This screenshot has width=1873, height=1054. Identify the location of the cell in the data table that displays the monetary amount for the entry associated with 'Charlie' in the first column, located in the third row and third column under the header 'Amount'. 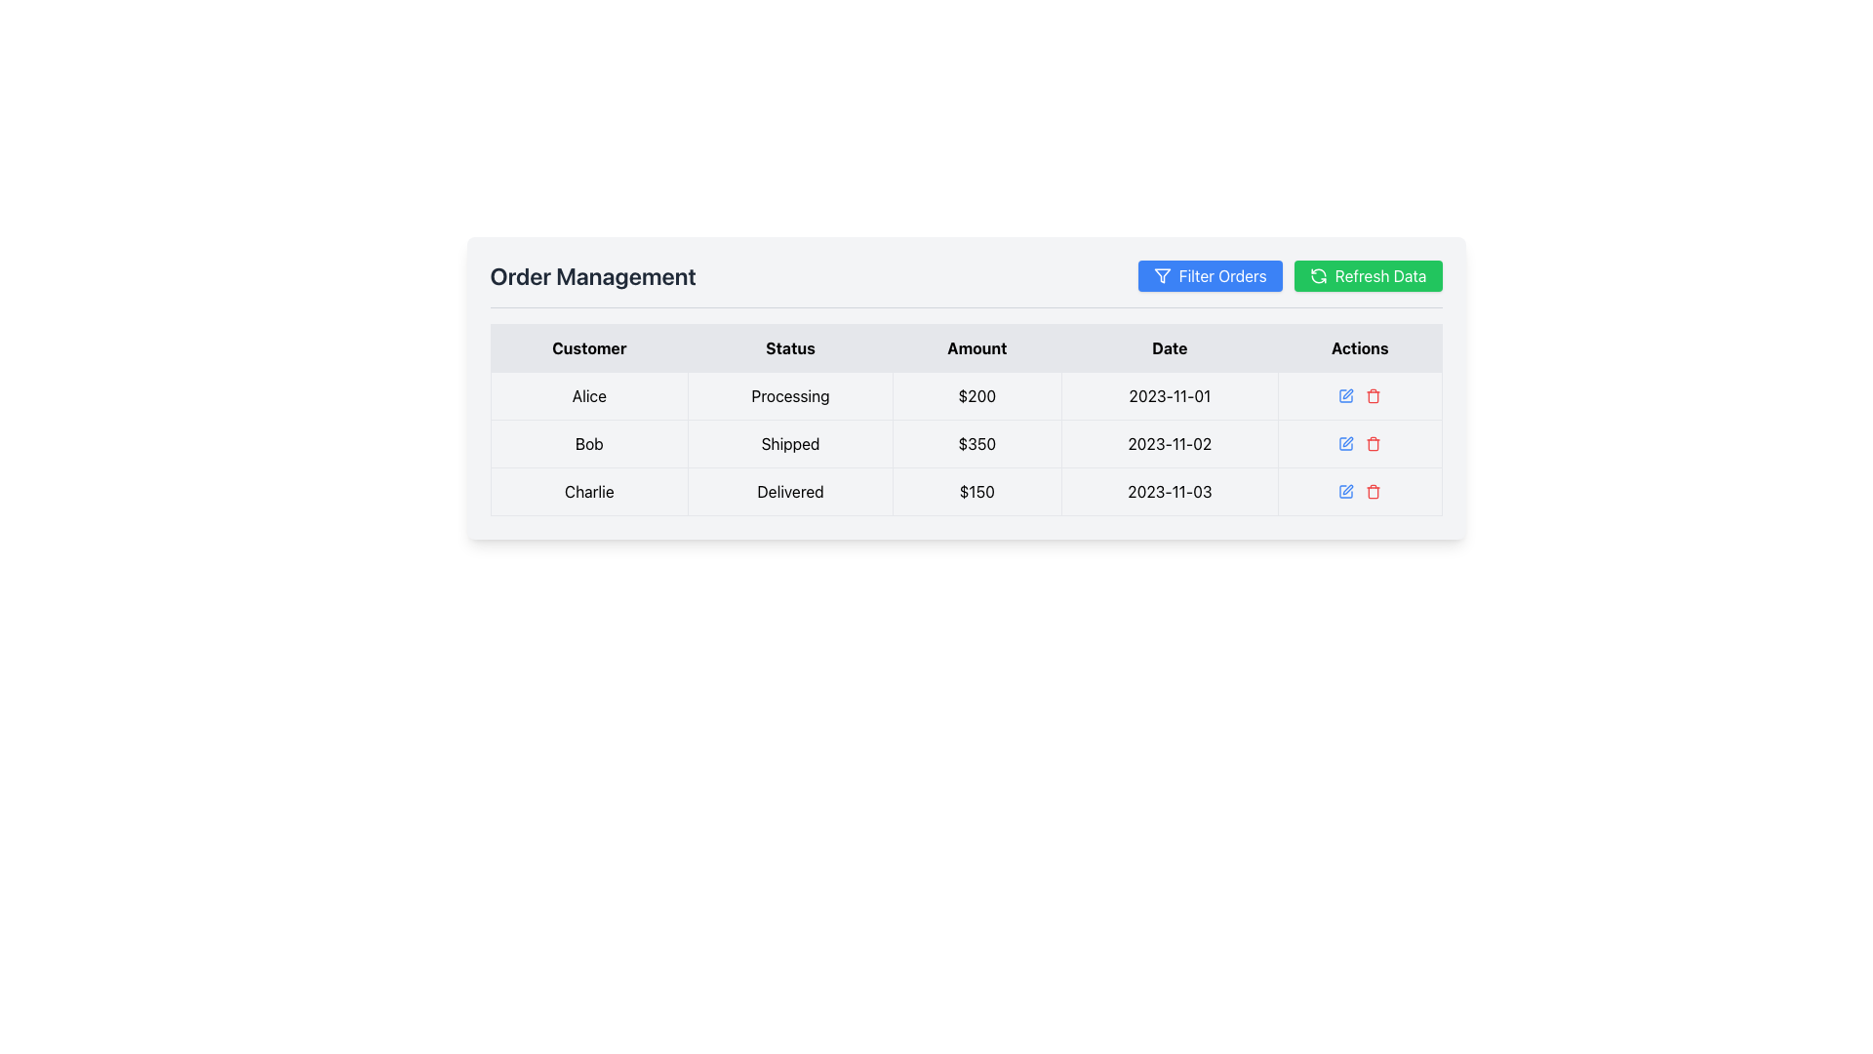
(976, 491).